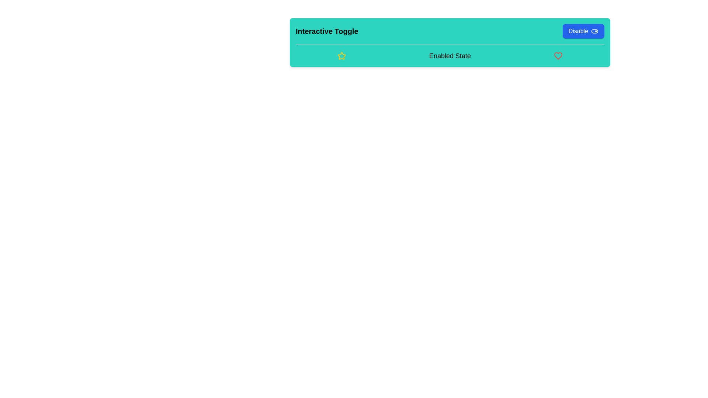  I want to click on the toggle icon located to the right of the 'Disable' text in the button component at the top-right corner of the interface, so click(594, 31).